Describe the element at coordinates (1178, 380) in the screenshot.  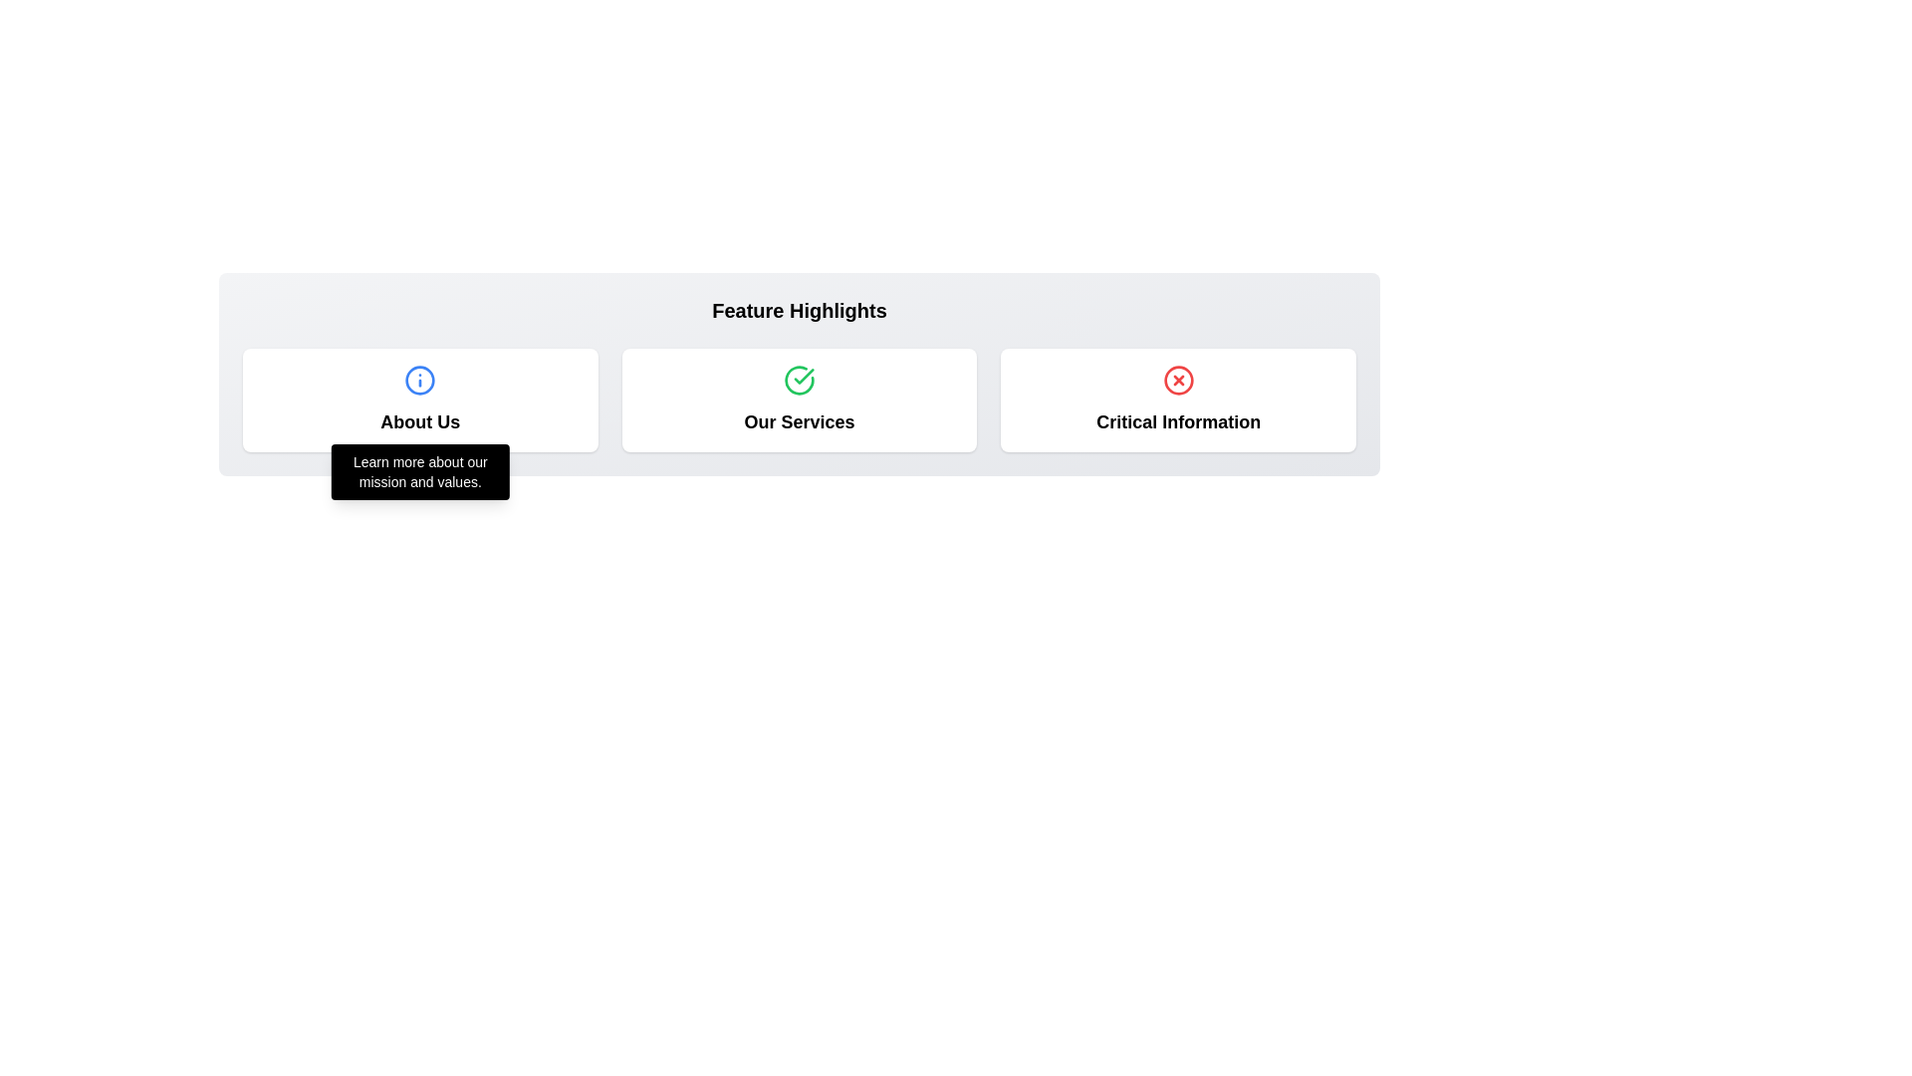
I see `the error/warning icon located at the top-center of the 'Critical Information' card, below the header section` at that location.